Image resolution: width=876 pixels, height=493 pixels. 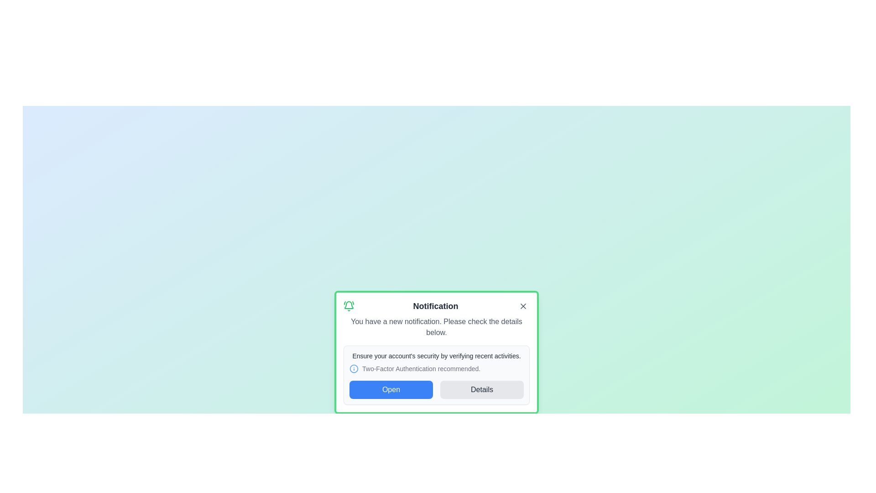 What do you see at coordinates (354, 368) in the screenshot?
I see `the information icon to reveal additional information` at bounding box center [354, 368].